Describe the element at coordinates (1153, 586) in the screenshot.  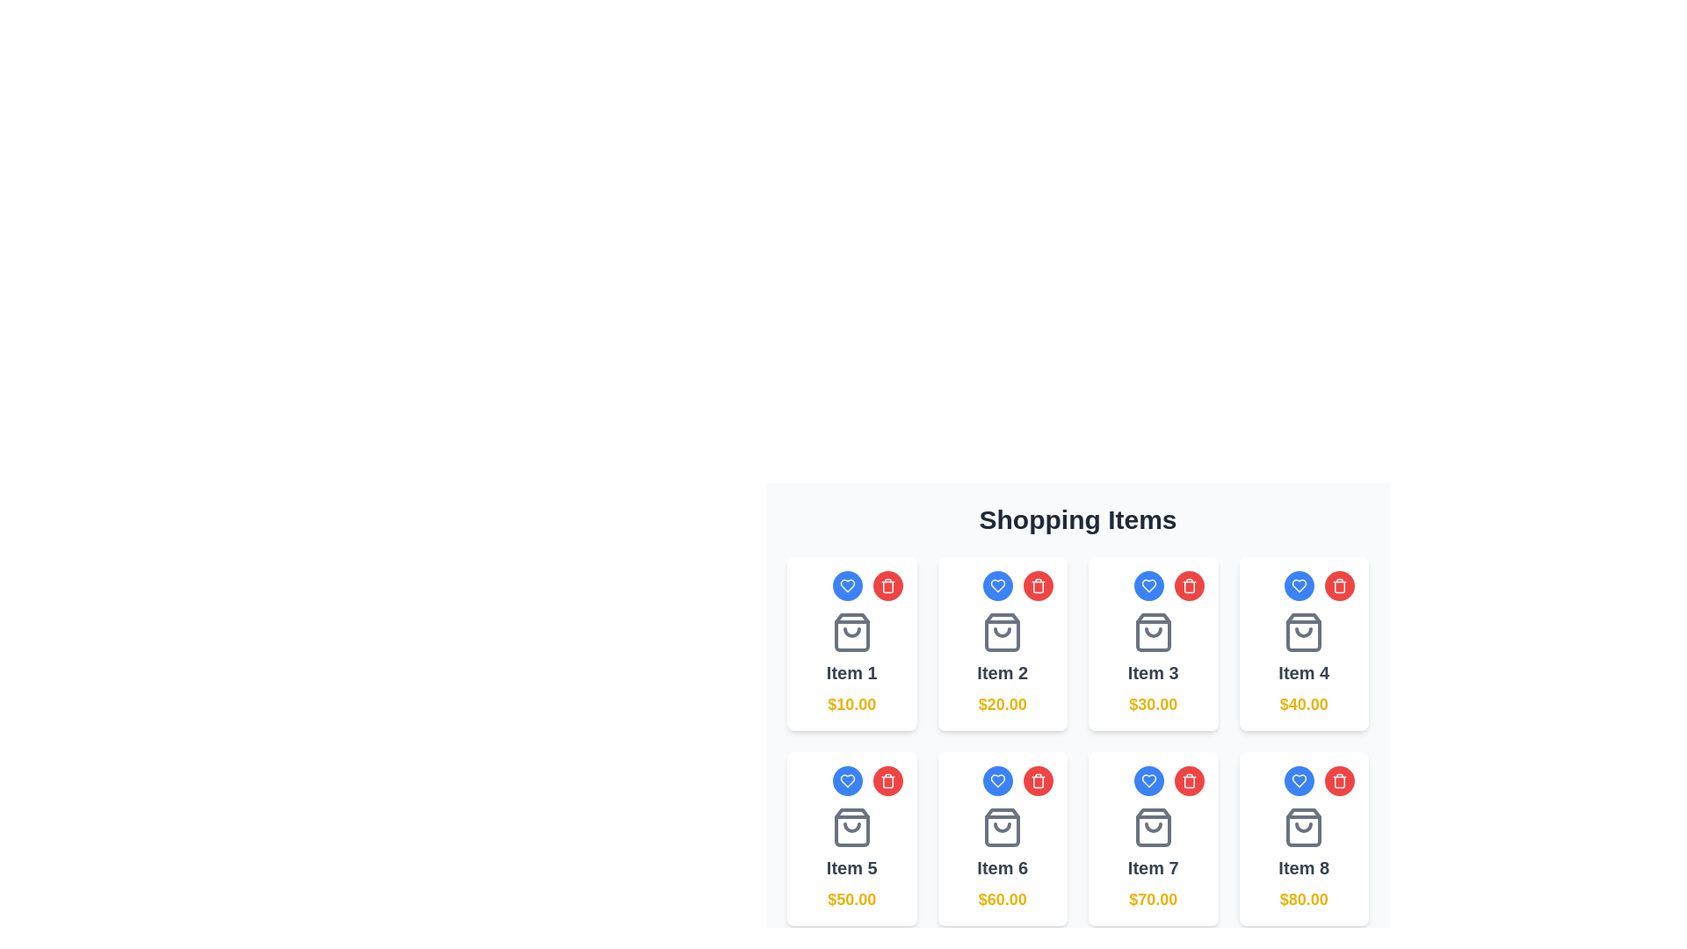
I see `the blue button in the grouped component at the top-right corner of the card labeled 'Item 3' to mark the item as a favorite` at that location.